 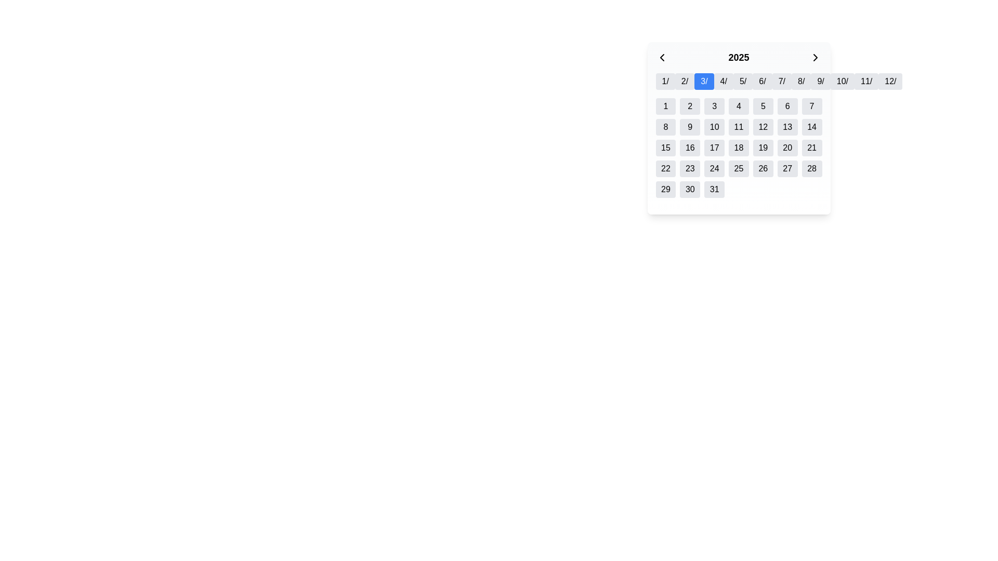 I want to click on the button representing the 27th day in the calendar grid, located in the sixth column of the fourth row, so click(x=787, y=168).